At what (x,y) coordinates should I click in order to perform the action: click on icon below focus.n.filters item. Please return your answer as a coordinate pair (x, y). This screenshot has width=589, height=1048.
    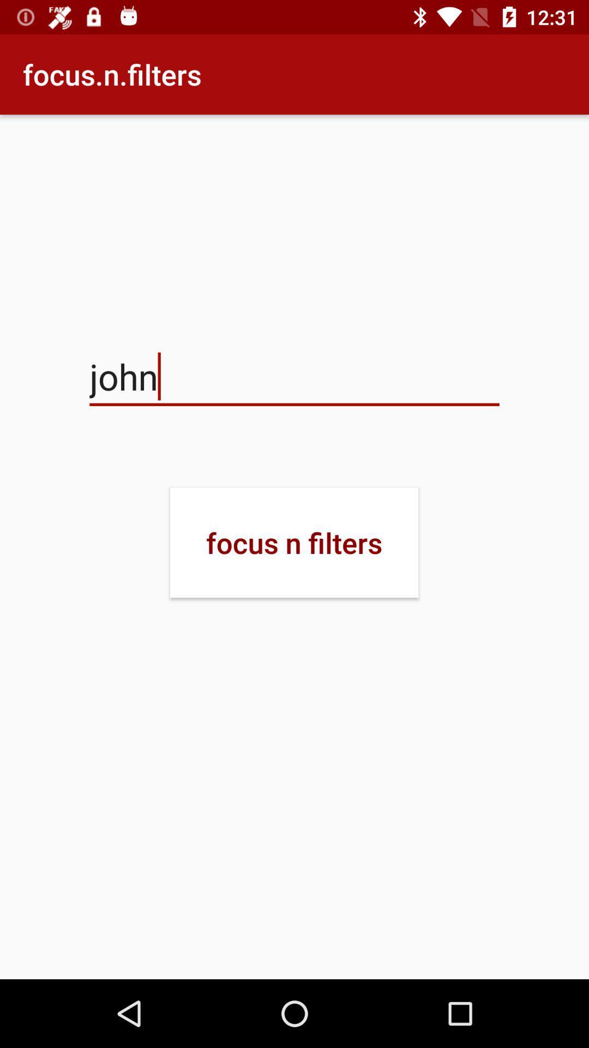
    Looking at the image, I should click on (294, 377).